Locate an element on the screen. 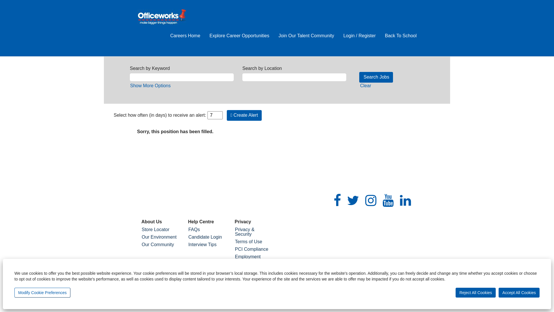 The image size is (554, 312). 'twitter' is located at coordinates (353, 200).